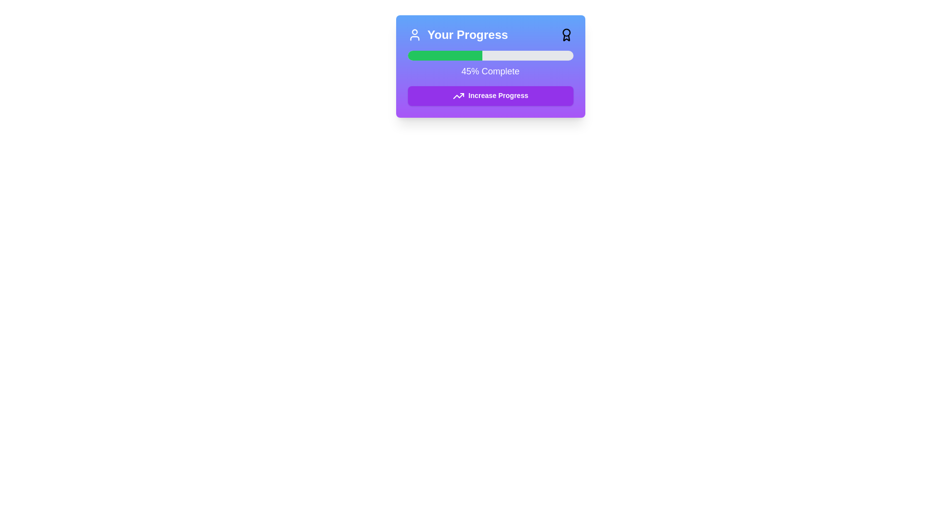 The image size is (946, 532). Describe the element at coordinates (458, 96) in the screenshot. I see `the 'Increase Progress' button that contains a decorative upward trending arrow icon styled in a simple line-art design with a white stroke on a purple background` at that location.